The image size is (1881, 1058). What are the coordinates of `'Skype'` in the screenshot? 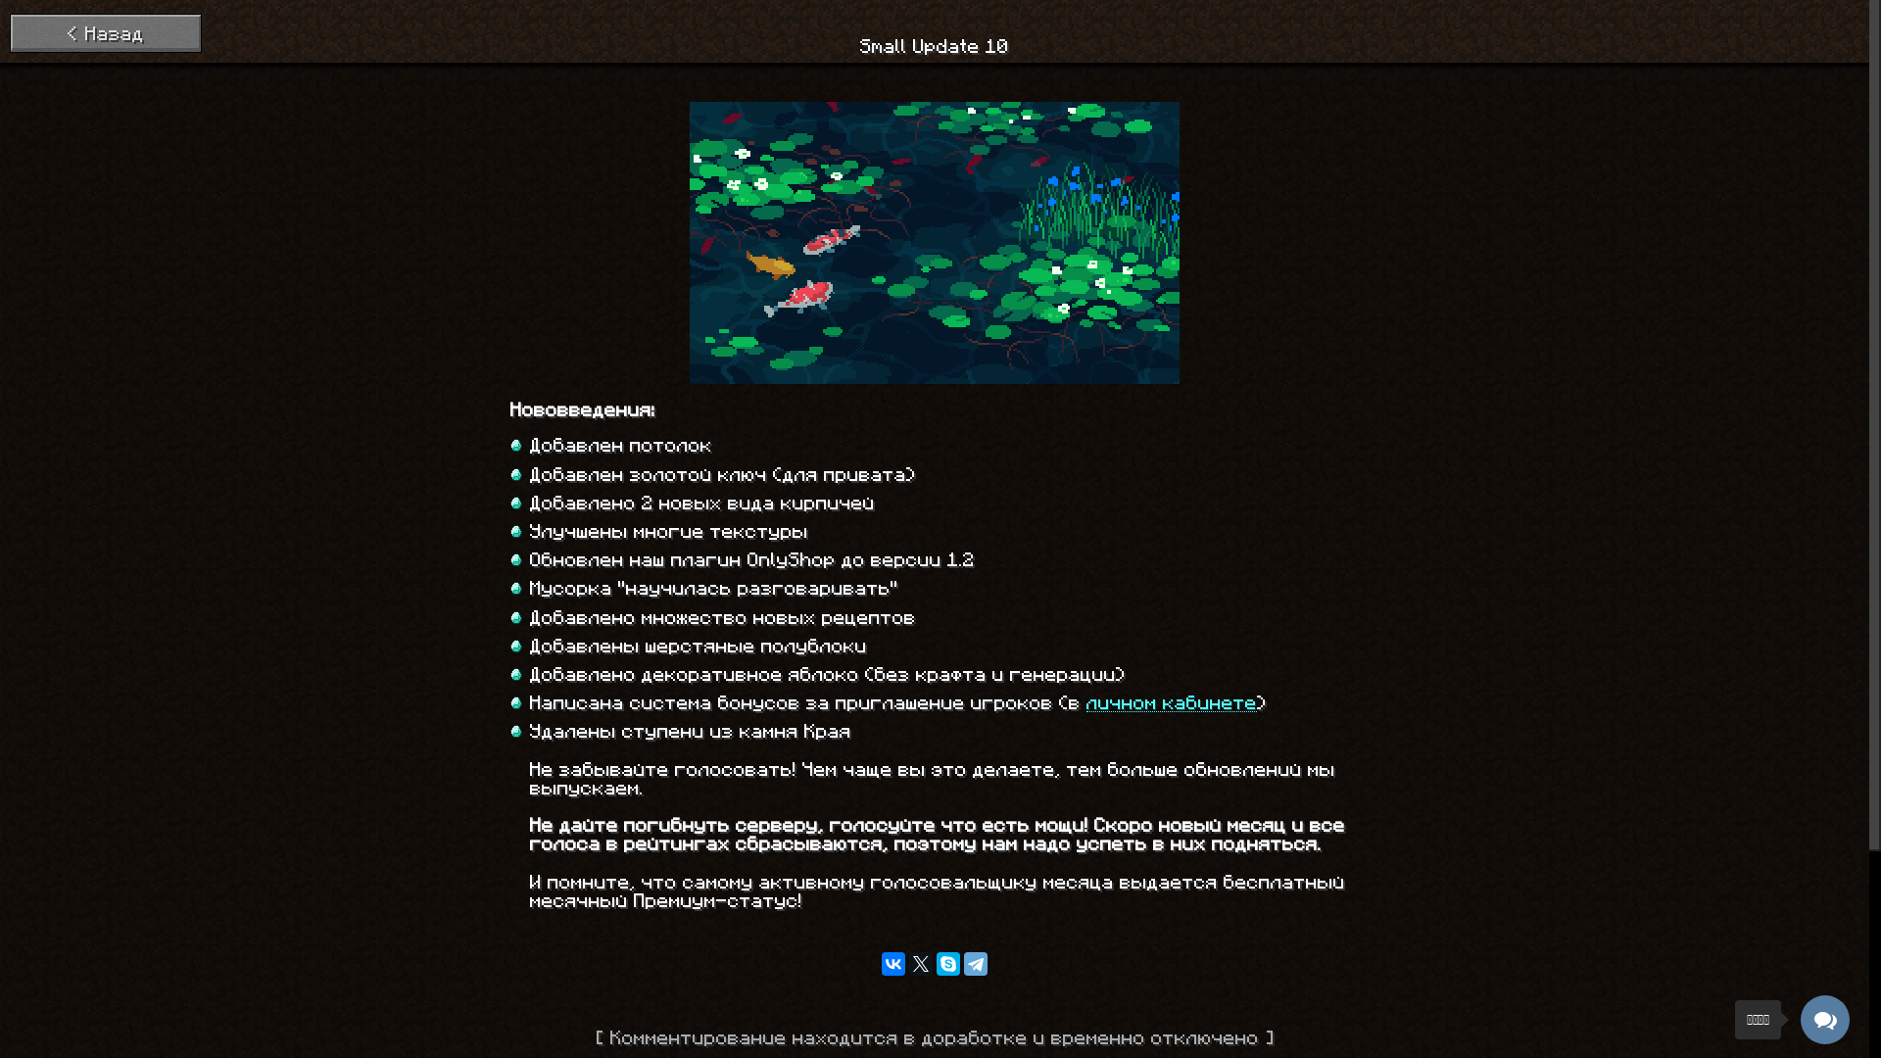 It's located at (948, 962).